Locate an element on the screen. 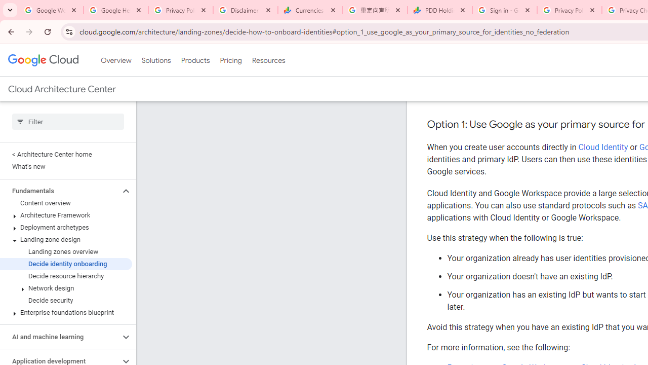  'Decide identity onboarding' is located at coordinates (65, 263).